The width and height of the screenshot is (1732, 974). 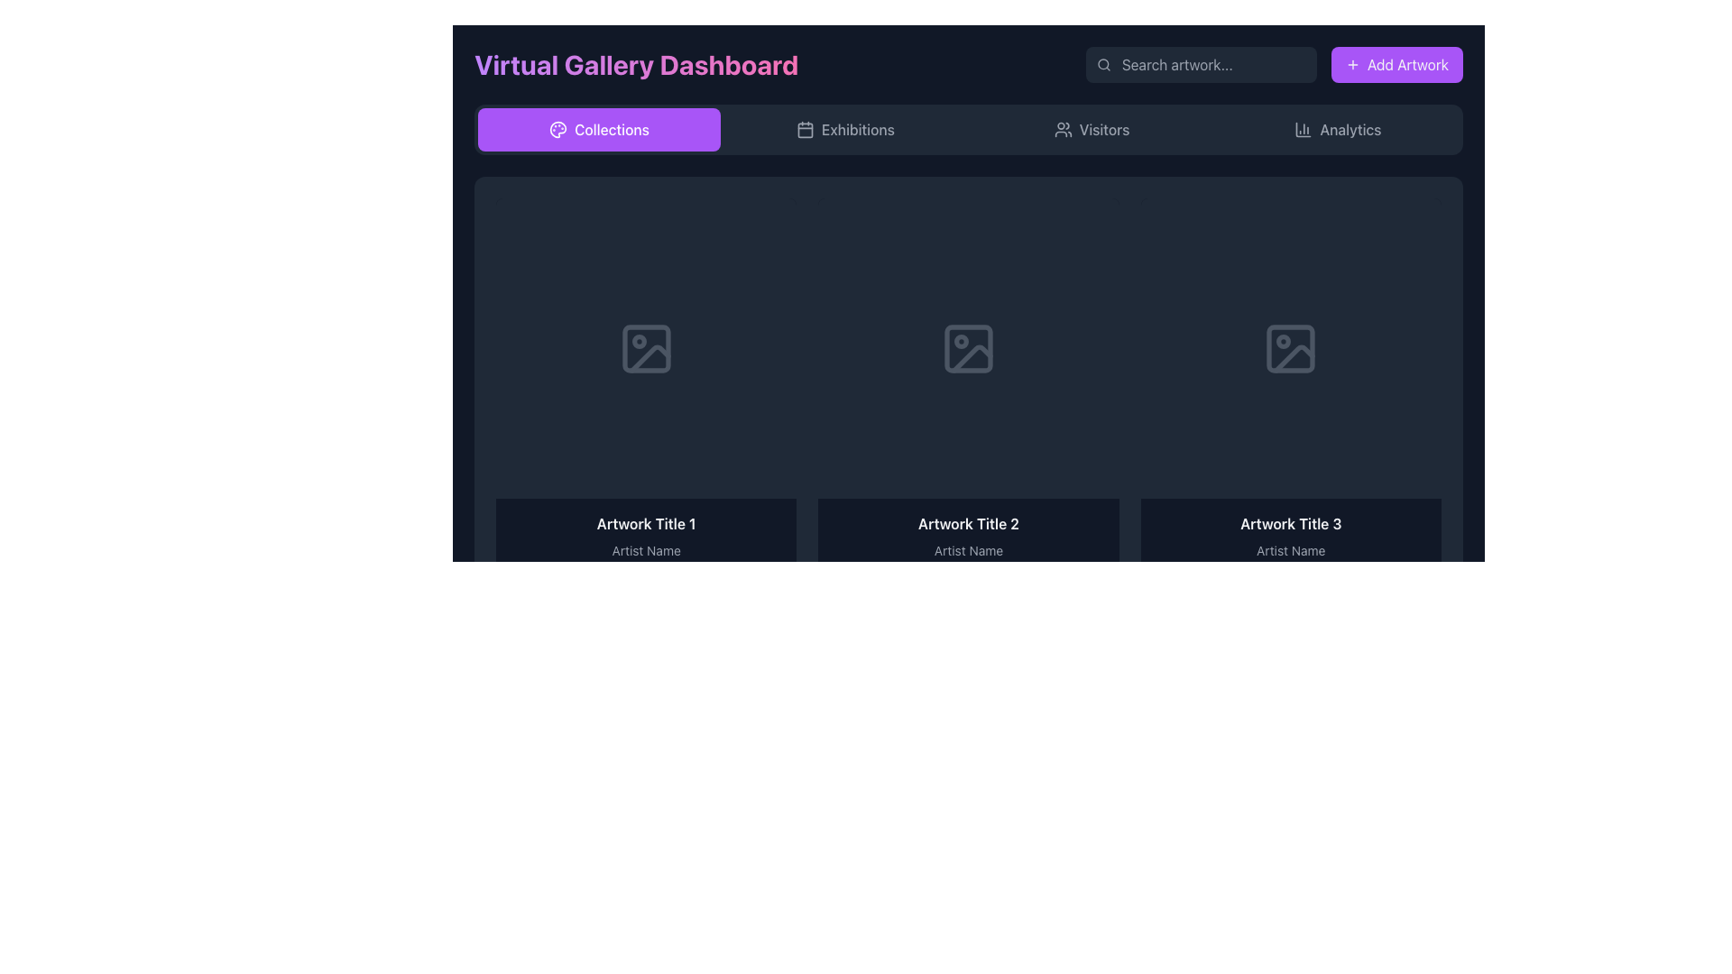 I want to click on image placeholder icon located above the title 'Artwork Title 2', which is the second of three similar icons in the middle row, so click(x=968, y=348).